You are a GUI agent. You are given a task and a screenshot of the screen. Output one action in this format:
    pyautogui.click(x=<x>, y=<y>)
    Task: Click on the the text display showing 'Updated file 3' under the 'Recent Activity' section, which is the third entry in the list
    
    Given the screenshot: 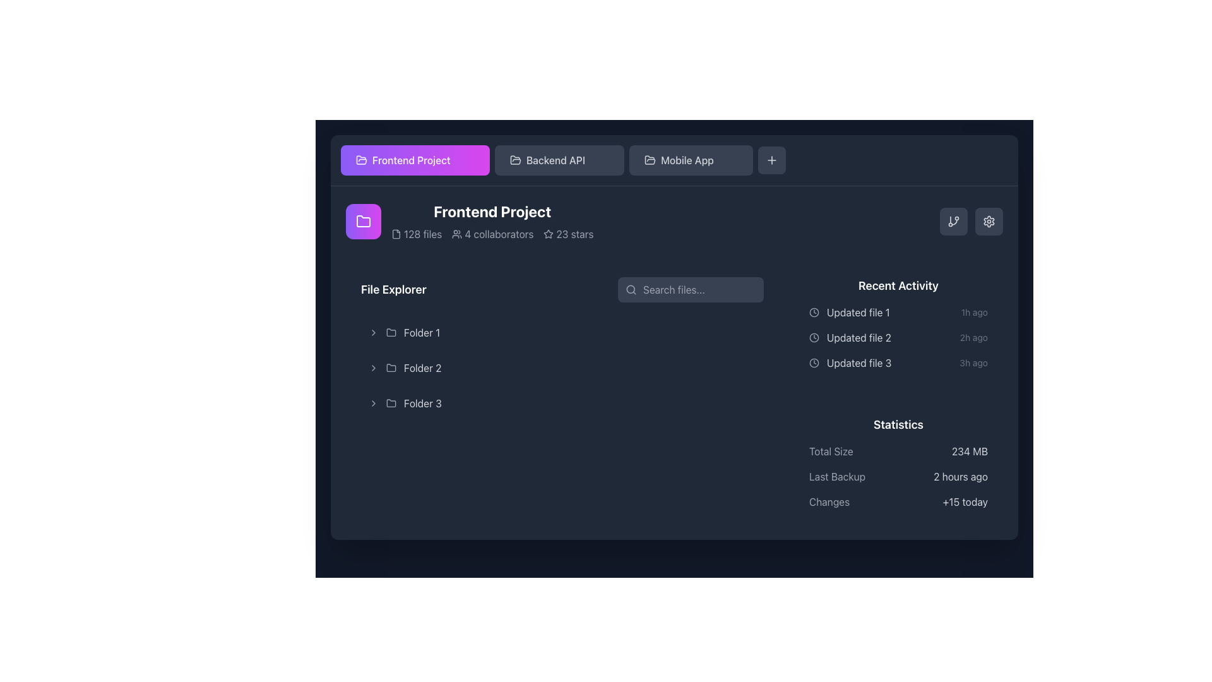 What is the action you would take?
    pyautogui.click(x=858, y=362)
    